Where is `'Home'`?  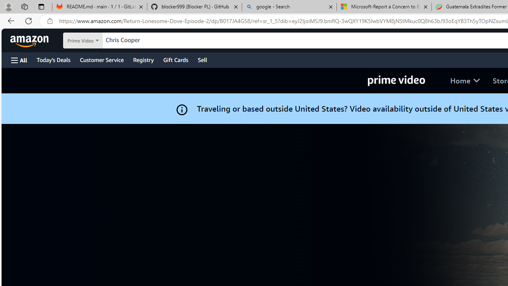 'Home' is located at coordinates (465, 81).